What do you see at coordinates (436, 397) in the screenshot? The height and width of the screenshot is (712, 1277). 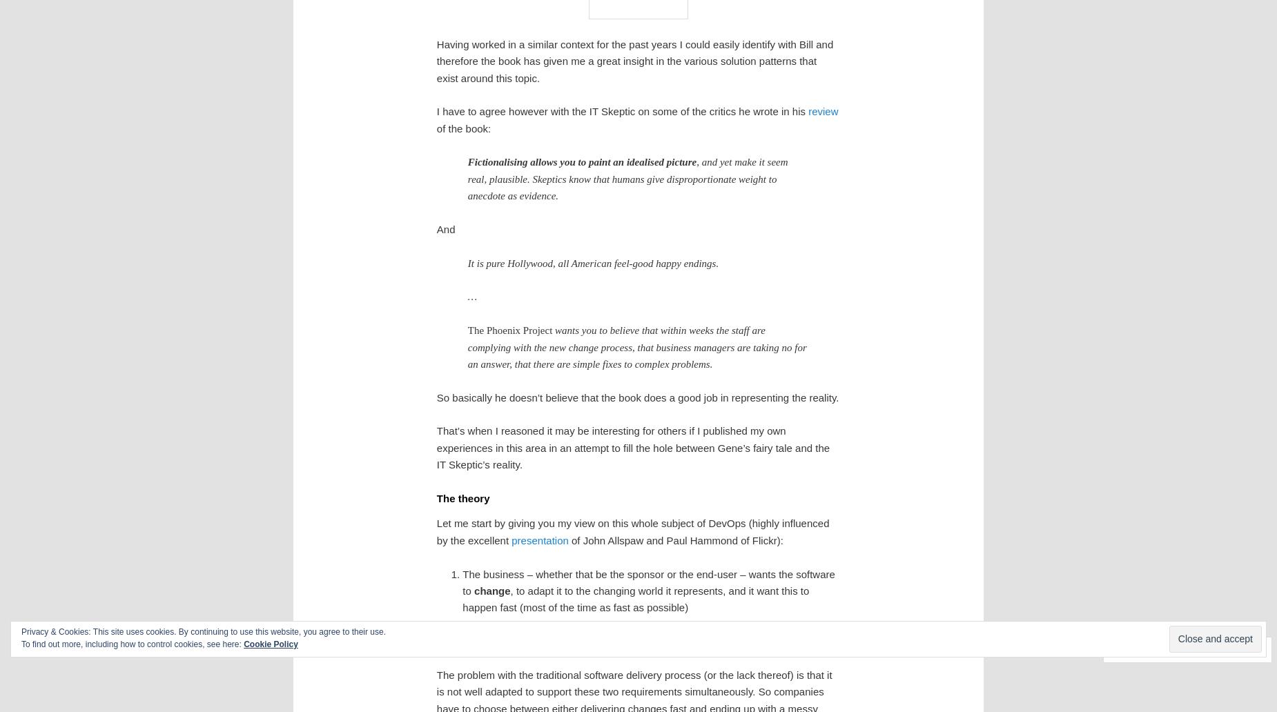 I see `'So basically he doesn’t believe that the book does a good job in representing the reality.'` at bounding box center [436, 397].